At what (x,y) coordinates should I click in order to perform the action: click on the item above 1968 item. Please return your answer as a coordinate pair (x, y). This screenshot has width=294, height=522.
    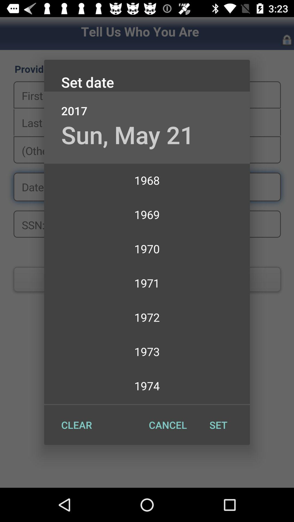
    Looking at the image, I should click on (128, 135).